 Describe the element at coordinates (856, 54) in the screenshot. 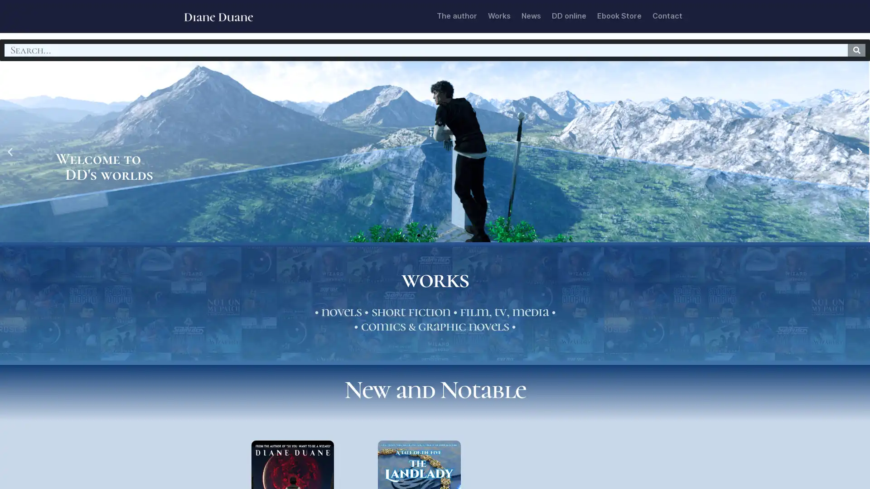

I see `Search` at that location.